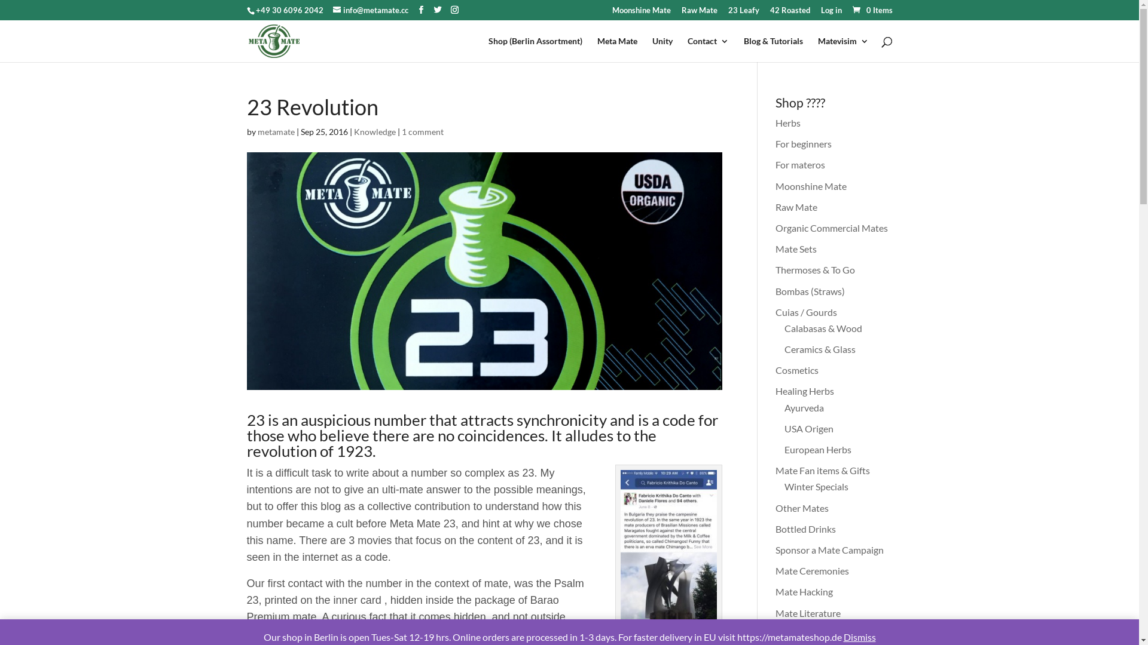 This screenshot has width=1148, height=645. What do you see at coordinates (808, 612) in the screenshot?
I see `'Mate Literature'` at bounding box center [808, 612].